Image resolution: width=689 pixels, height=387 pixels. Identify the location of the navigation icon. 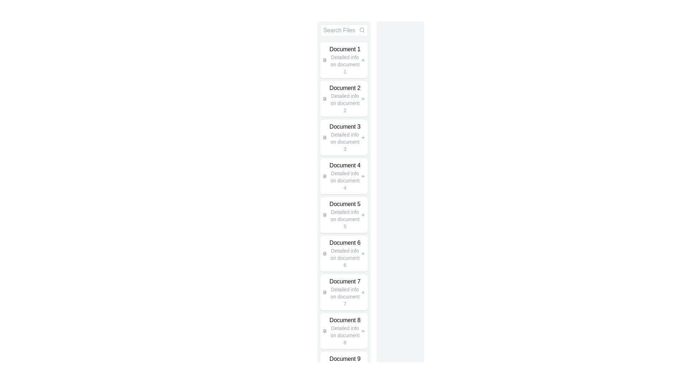
(363, 138).